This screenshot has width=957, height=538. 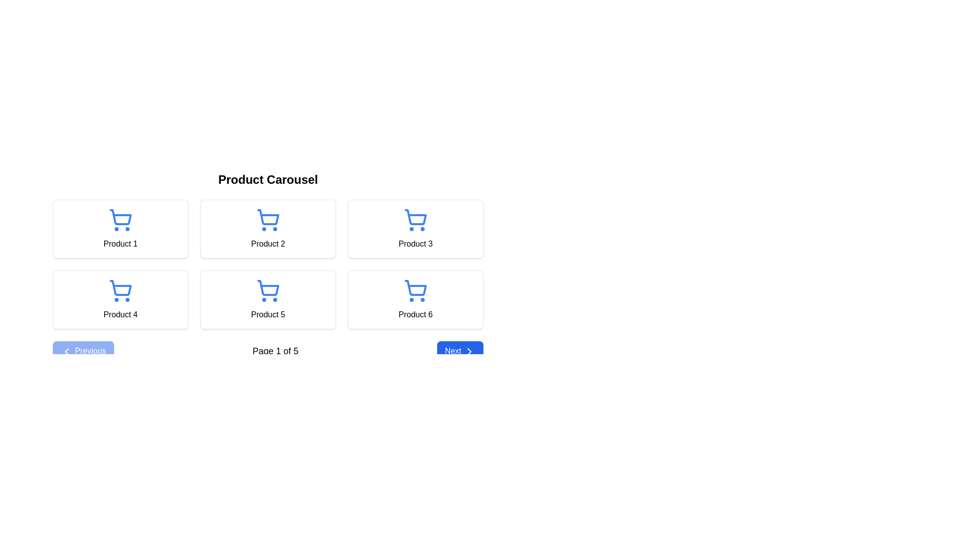 What do you see at coordinates (275, 351) in the screenshot?
I see `the text label displaying 'Page 1 of 5' located in the footer section of the carousel interface, centered between the navigation buttons 'Previous' and 'Next'` at bounding box center [275, 351].